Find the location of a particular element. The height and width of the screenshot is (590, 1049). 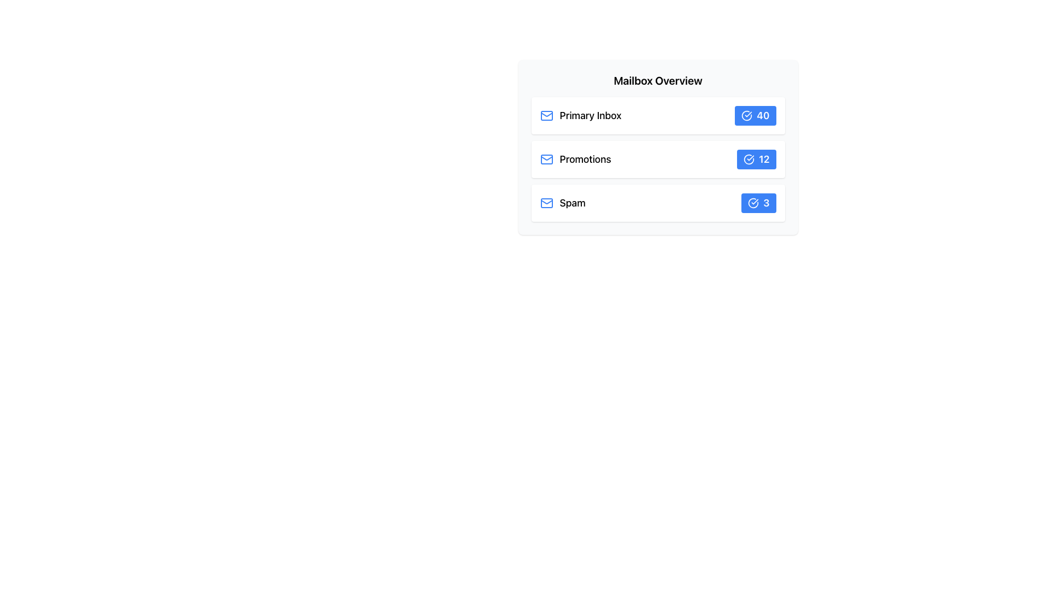

'Spam' label text adjacent to the blue envelope icon in the 'Mailbox Overview' section, which is the third entry in the vertical list is located at coordinates (563, 203).